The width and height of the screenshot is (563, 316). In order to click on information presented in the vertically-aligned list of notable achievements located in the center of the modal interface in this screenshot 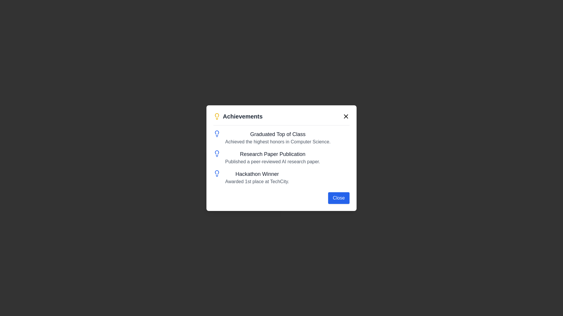, I will do `click(281, 157)`.